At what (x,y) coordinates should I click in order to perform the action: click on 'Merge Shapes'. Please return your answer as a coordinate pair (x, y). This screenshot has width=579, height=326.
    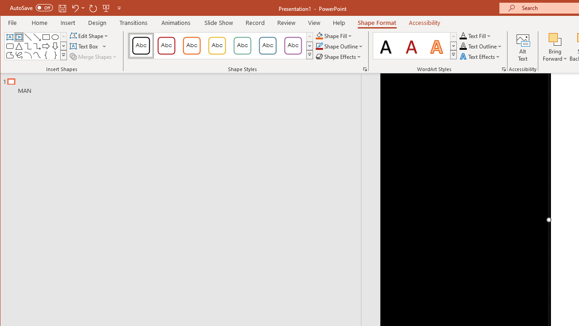
    Looking at the image, I should click on (94, 57).